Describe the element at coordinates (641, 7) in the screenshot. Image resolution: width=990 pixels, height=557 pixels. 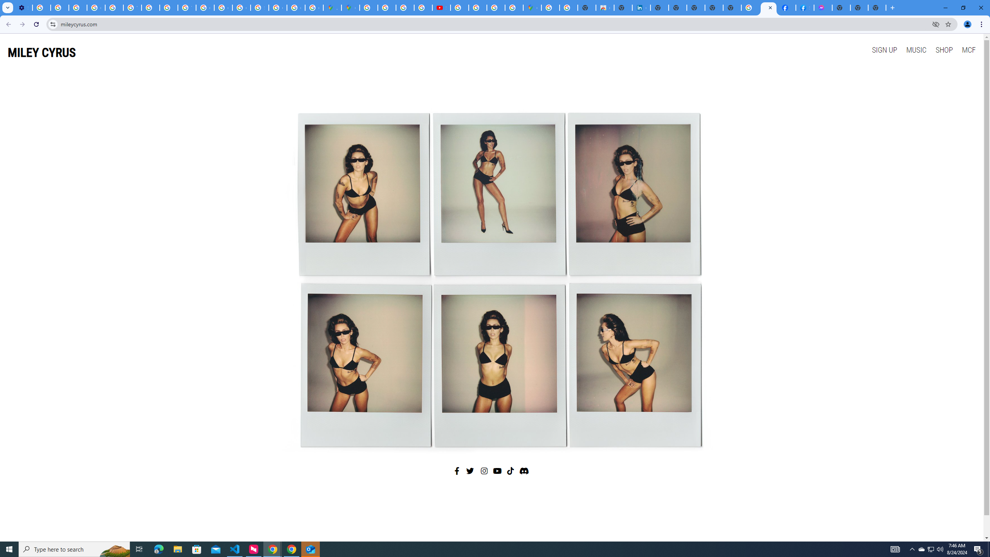
I see `'Cookie Policy | LinkedIn'` at that location.